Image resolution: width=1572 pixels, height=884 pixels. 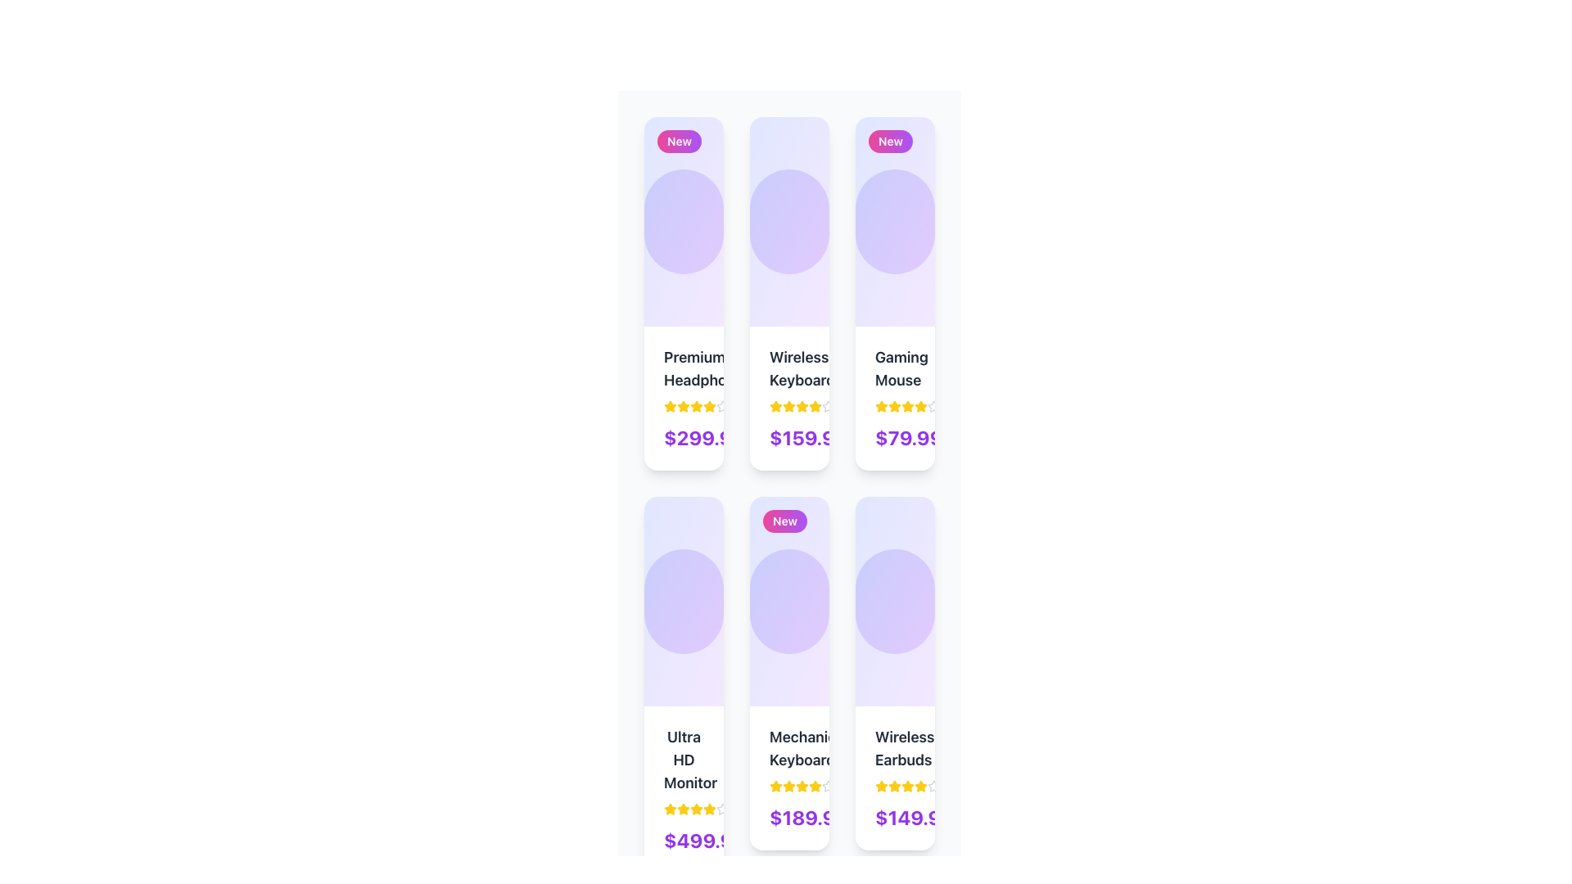 I want to click on the fourth star-shaped icon with a yellow fill color in the visual rating system located in the third card of the first row, so click(x=906, y=405).